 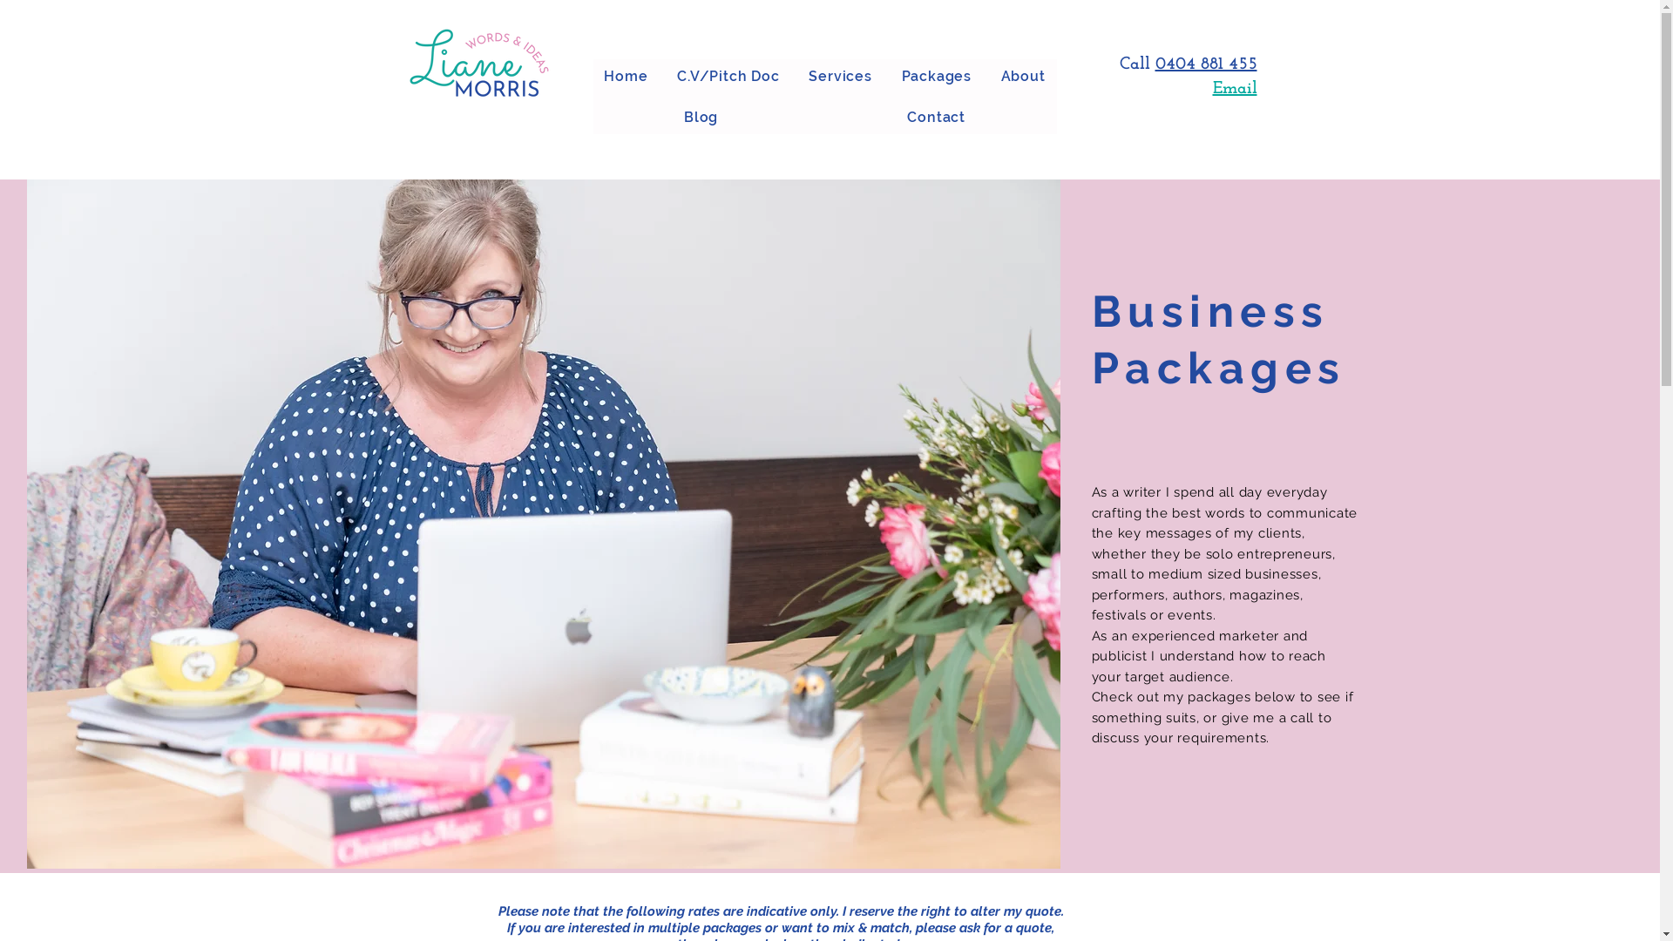 What do you see at coordinates (840, 75) in the screenshot?
I see `'Services'` at bounding box center [840, 75].